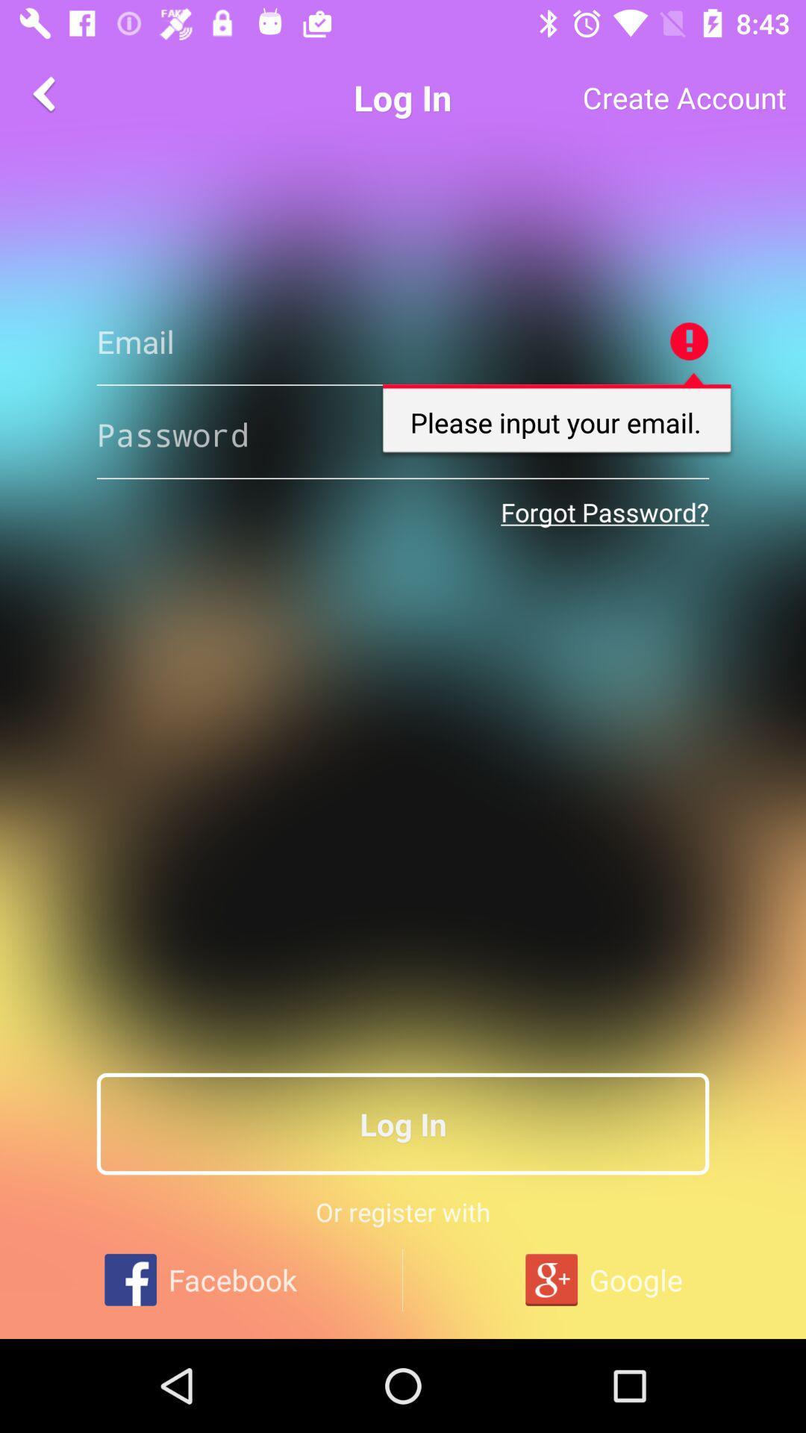  Describe the element at coordinates (403, 340) in the screenshot. I see `the email address for login` at that location.